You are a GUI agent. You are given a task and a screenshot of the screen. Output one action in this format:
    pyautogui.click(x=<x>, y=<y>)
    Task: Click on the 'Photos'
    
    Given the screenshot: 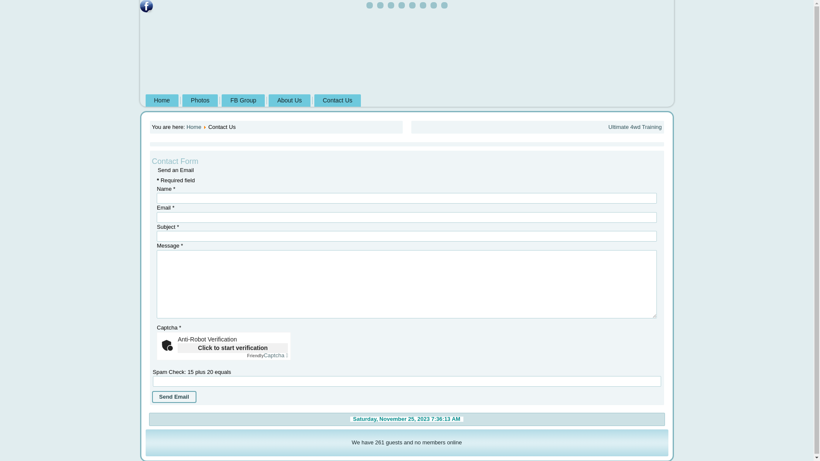 What is the action you would take?
    pyautogui.click(x=200, y=100)
    